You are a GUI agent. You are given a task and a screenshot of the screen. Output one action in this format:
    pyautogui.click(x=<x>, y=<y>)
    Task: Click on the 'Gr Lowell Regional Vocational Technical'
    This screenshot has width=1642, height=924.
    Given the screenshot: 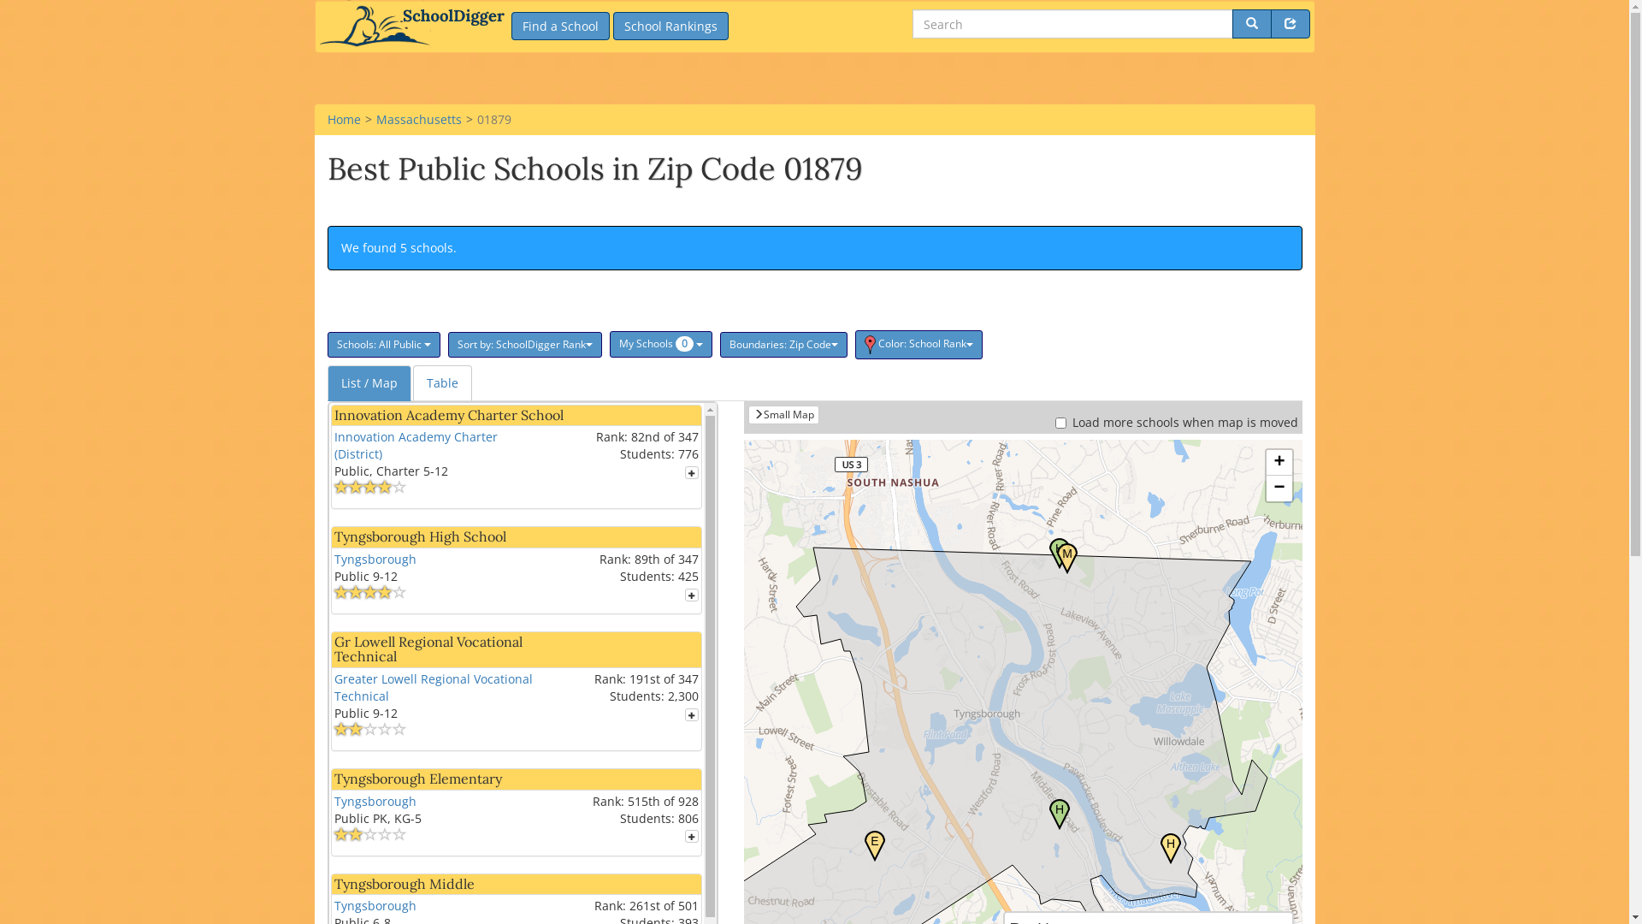 What is the action you would take?
    pyautogui.click(x=427, y=649)
    